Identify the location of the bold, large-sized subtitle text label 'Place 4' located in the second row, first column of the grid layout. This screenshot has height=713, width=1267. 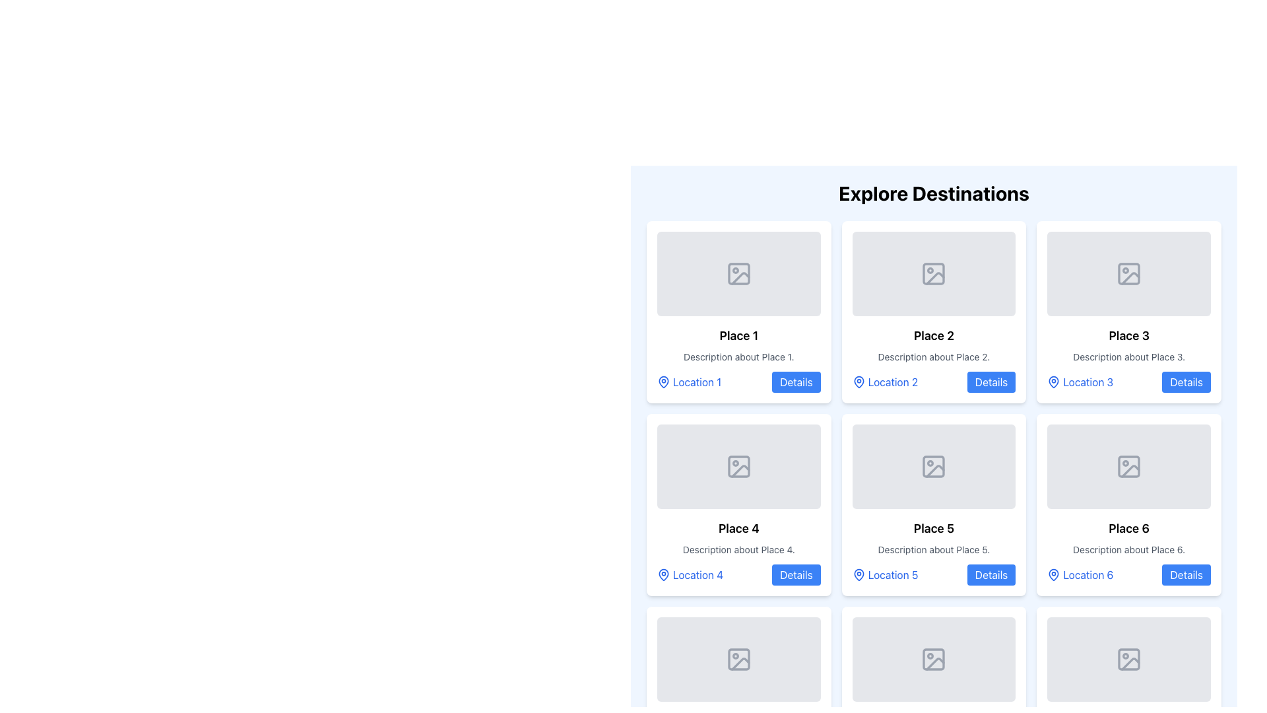
(738, 528).